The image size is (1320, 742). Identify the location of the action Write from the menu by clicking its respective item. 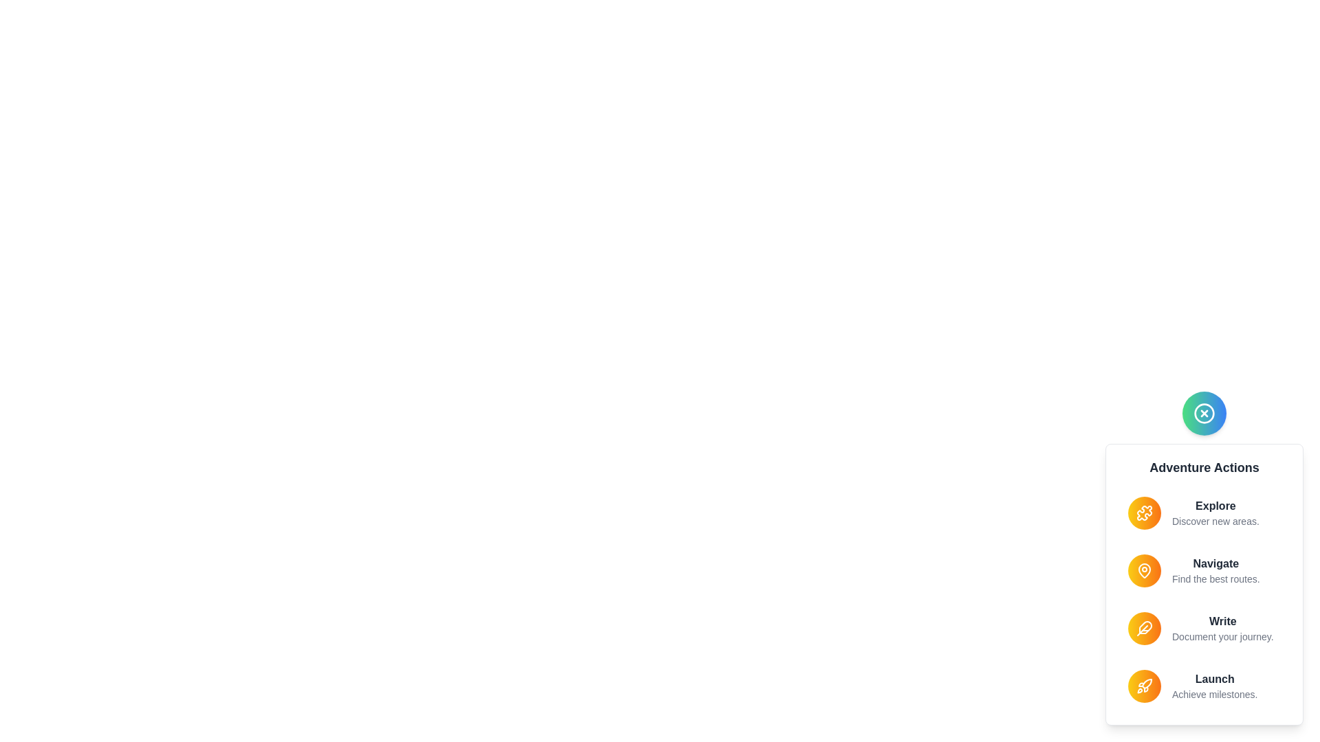
(1204, 628).